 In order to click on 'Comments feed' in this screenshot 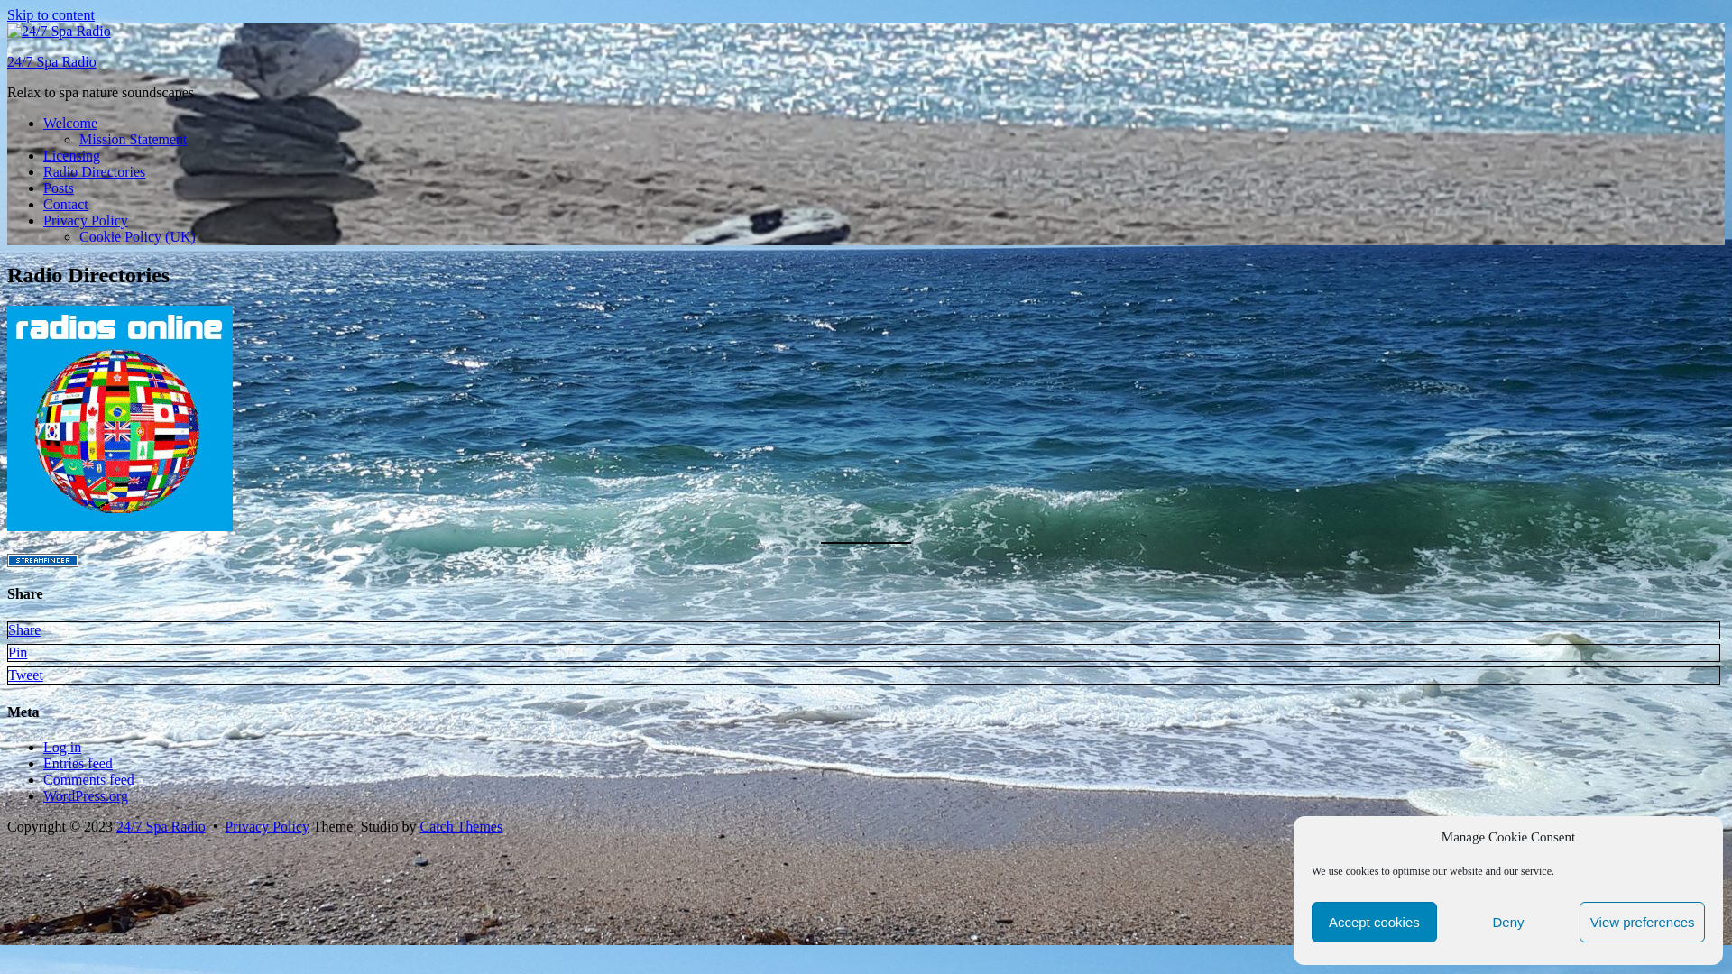, I will do `click(88, 778)`.